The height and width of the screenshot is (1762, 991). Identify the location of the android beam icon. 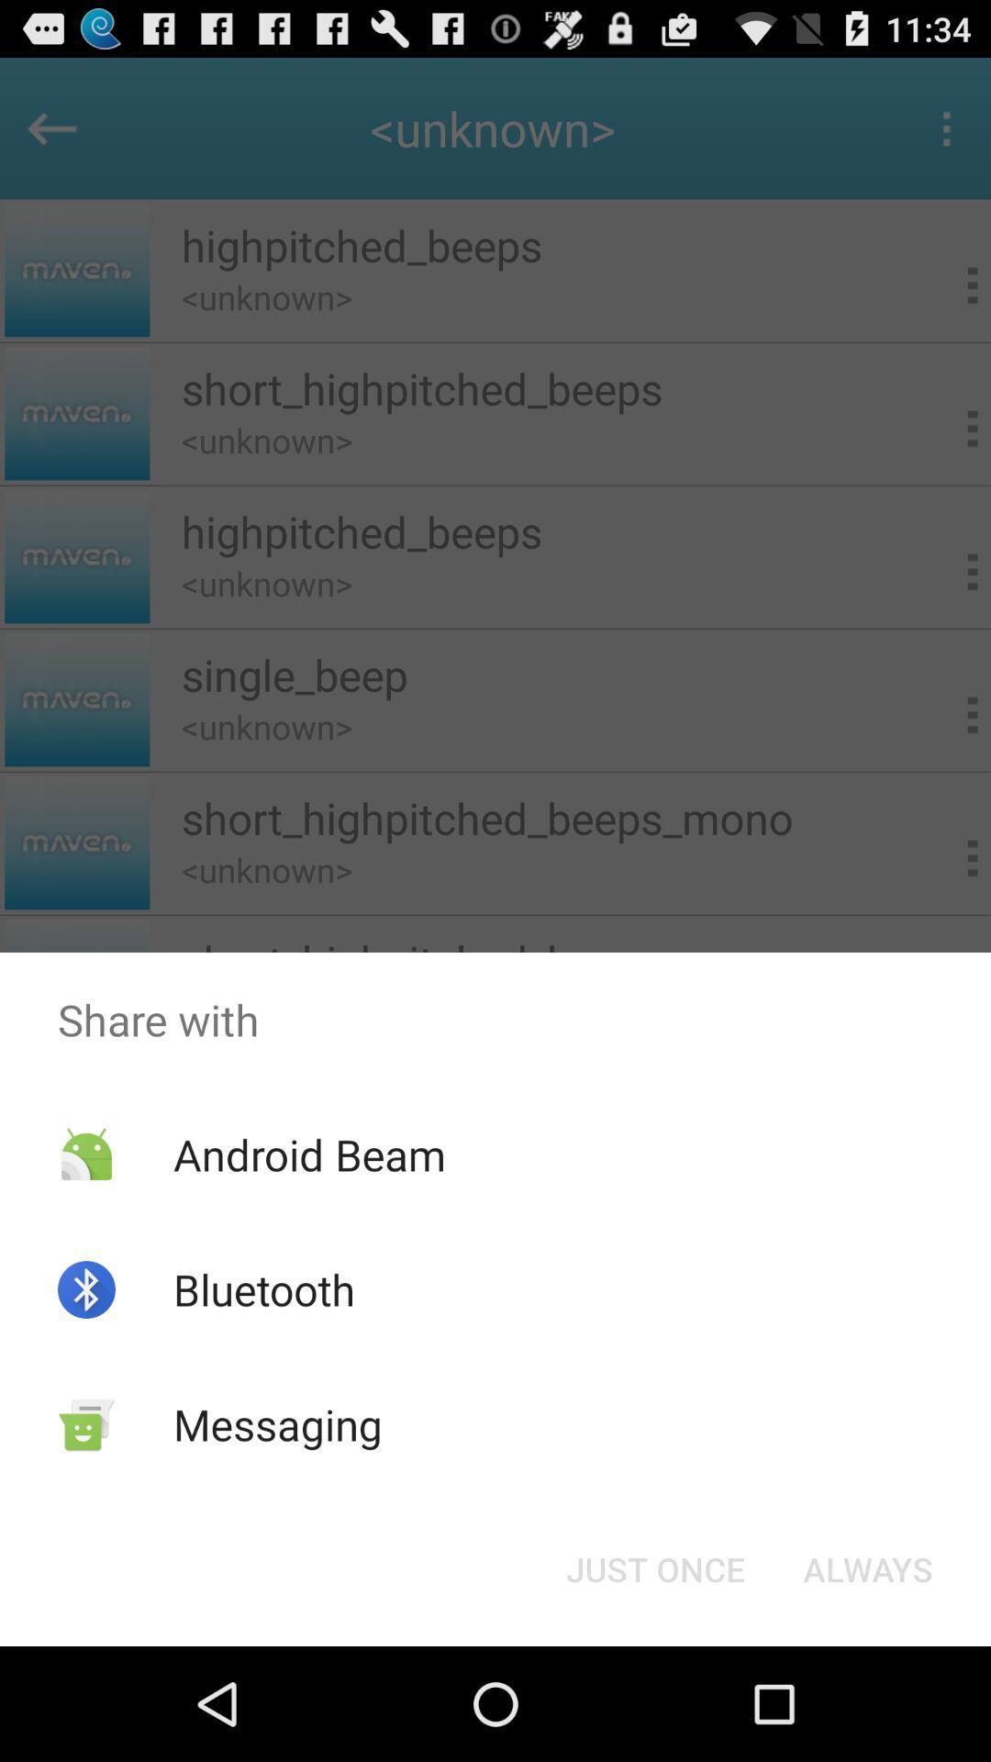
(308, 1154).